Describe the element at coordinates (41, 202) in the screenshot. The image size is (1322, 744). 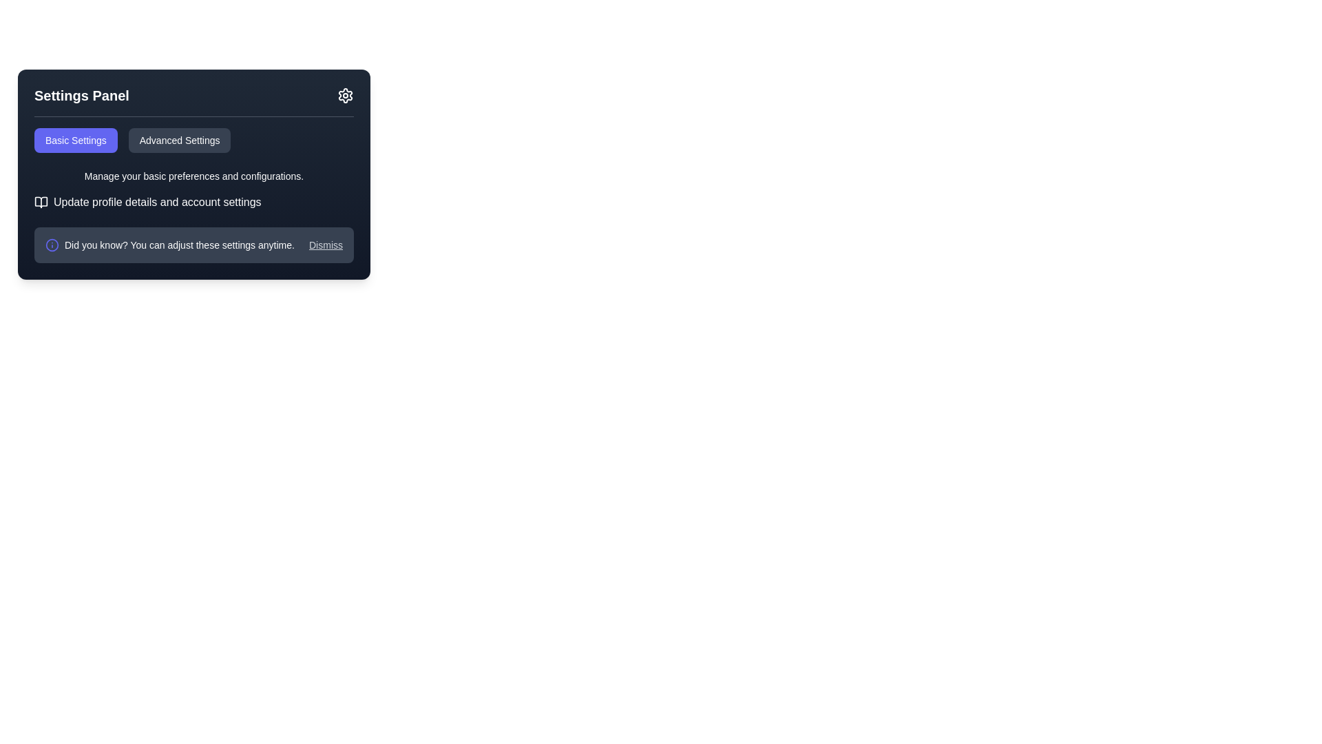
I see `the open book icon, which is styled in black and represents information or documentation, located towards the left side of the interface above the text for updating profile details` at that location.